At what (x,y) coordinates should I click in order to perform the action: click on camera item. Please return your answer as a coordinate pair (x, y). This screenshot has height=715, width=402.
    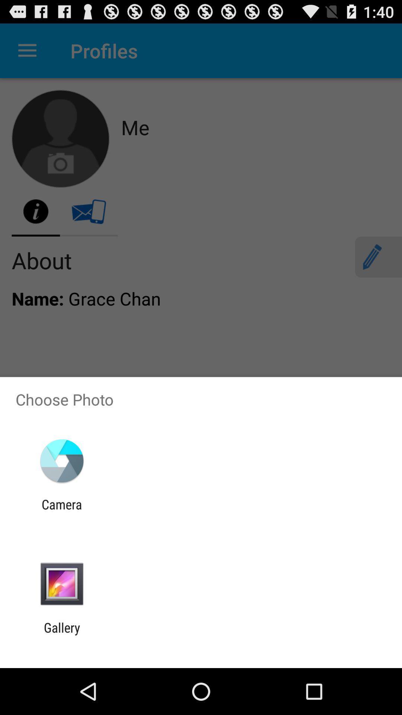
    Looking at the image, I should click on (61, 512).